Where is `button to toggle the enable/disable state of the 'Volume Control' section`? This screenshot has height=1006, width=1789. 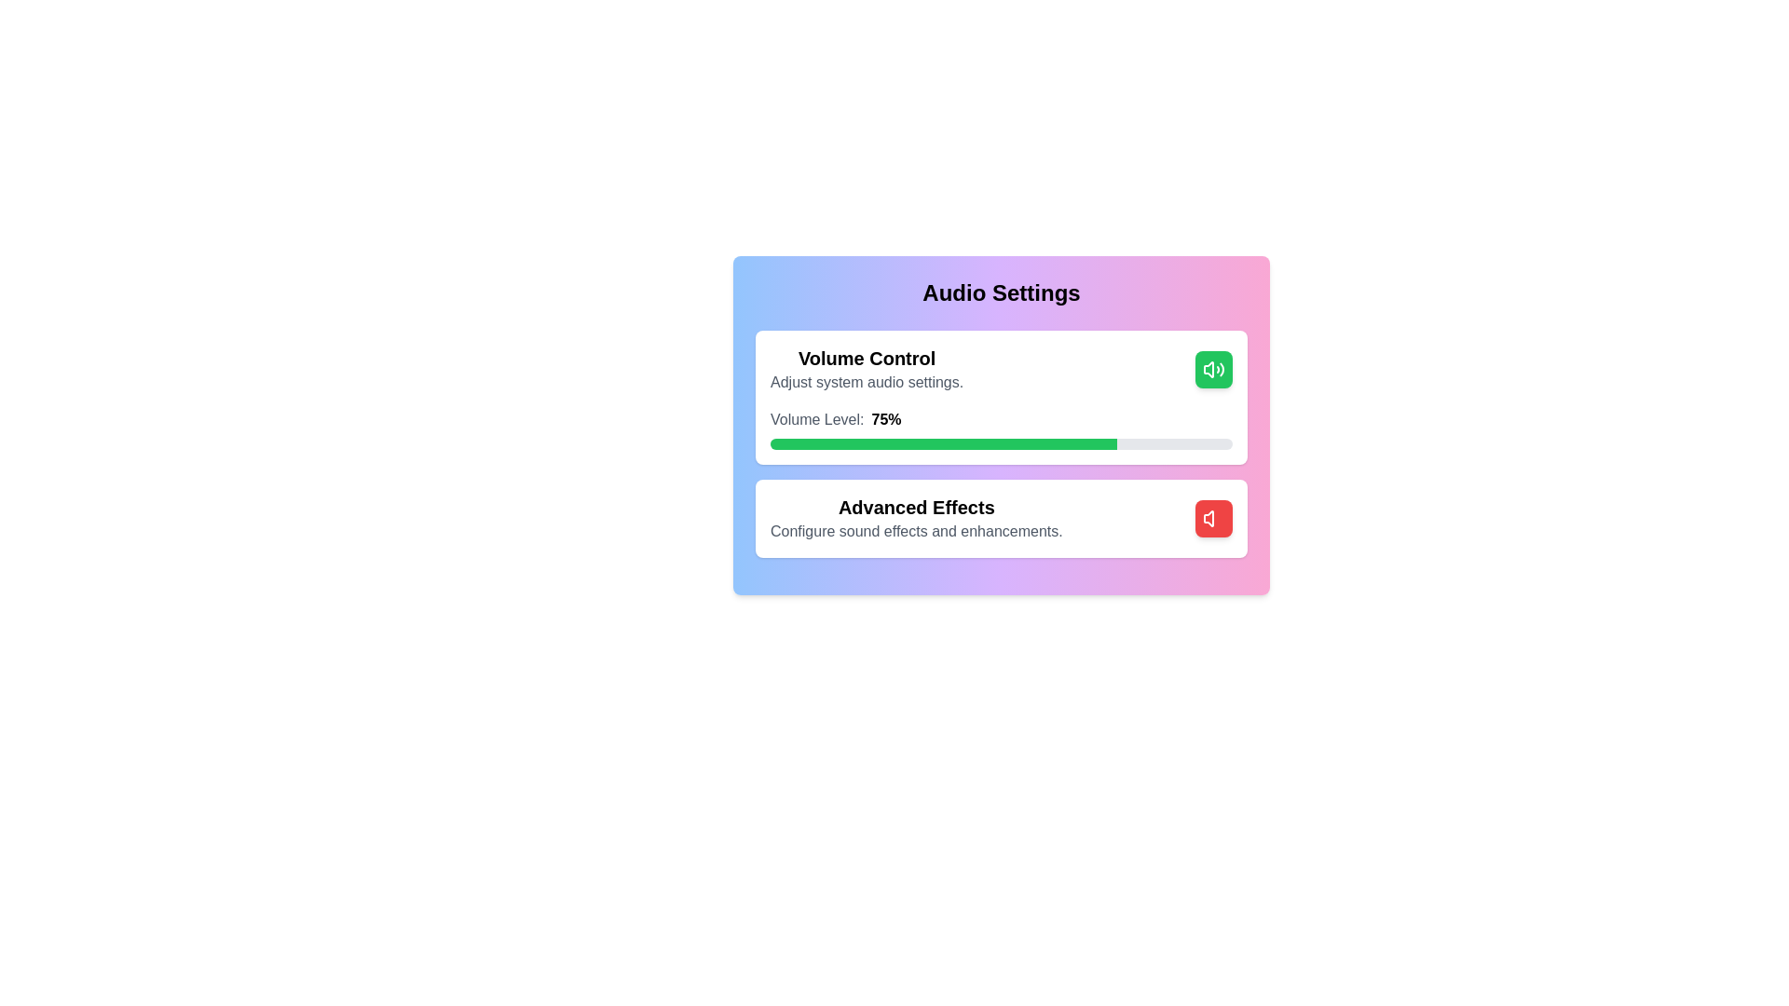 button to toggle the enable/disable state of the 'Volume Control' section is located at coordinates (1213, 370).